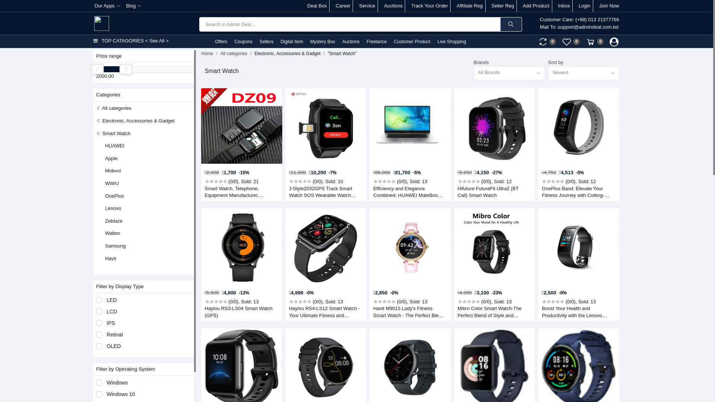  Describe the element at coordinates (291, 41) in the screenshot. I see `'Digital Item'` at that location.